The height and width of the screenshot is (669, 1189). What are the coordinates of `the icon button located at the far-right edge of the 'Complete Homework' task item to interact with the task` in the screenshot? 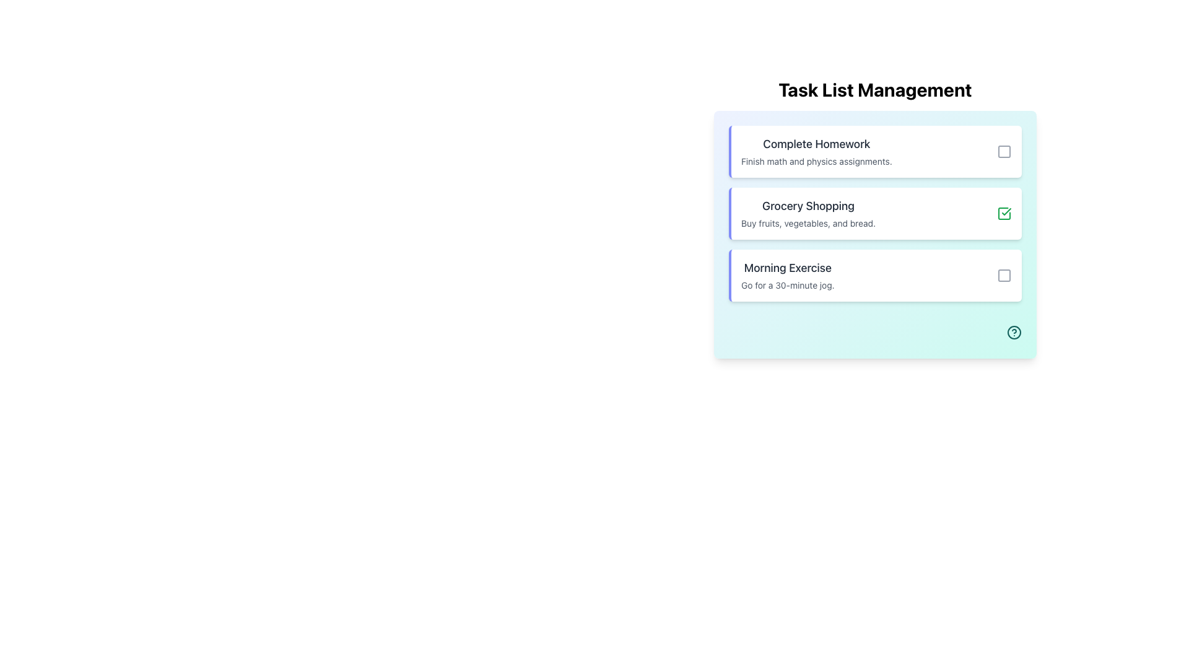 It's located at (1004, 151).